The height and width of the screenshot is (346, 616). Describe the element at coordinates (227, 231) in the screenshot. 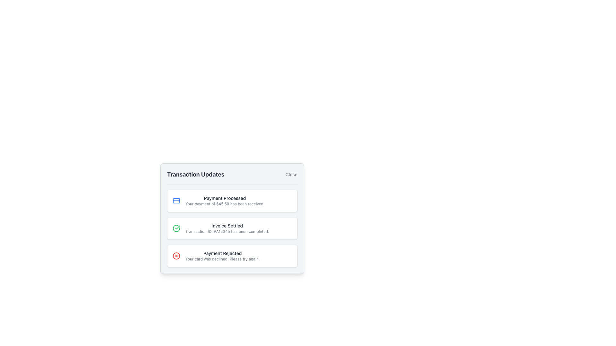

I see `text label that indicates the successful completion of transaction ID #A12345, located in the 'Invoice Settled' section, as the second line of text below the title` at that location.